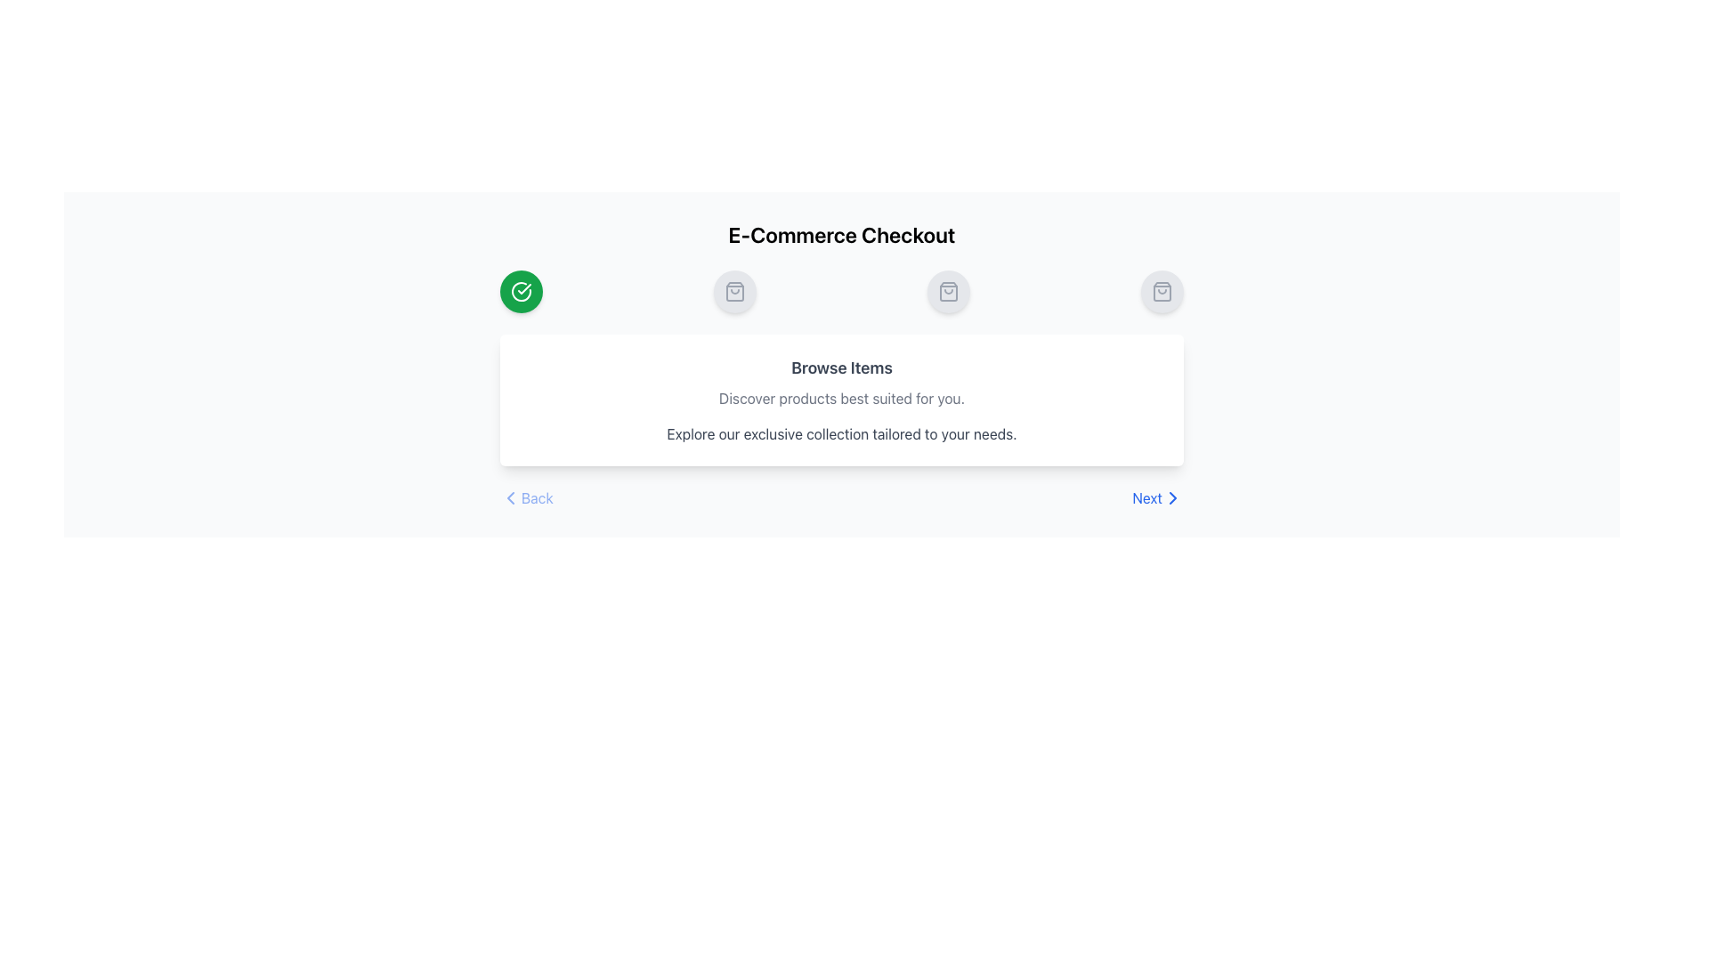 The height and width of the screenshot is (961, 1709). I want to click on the second circular Icon Button representing 'Browse Items' in the e-commerce checkout process, so click(734, 290).